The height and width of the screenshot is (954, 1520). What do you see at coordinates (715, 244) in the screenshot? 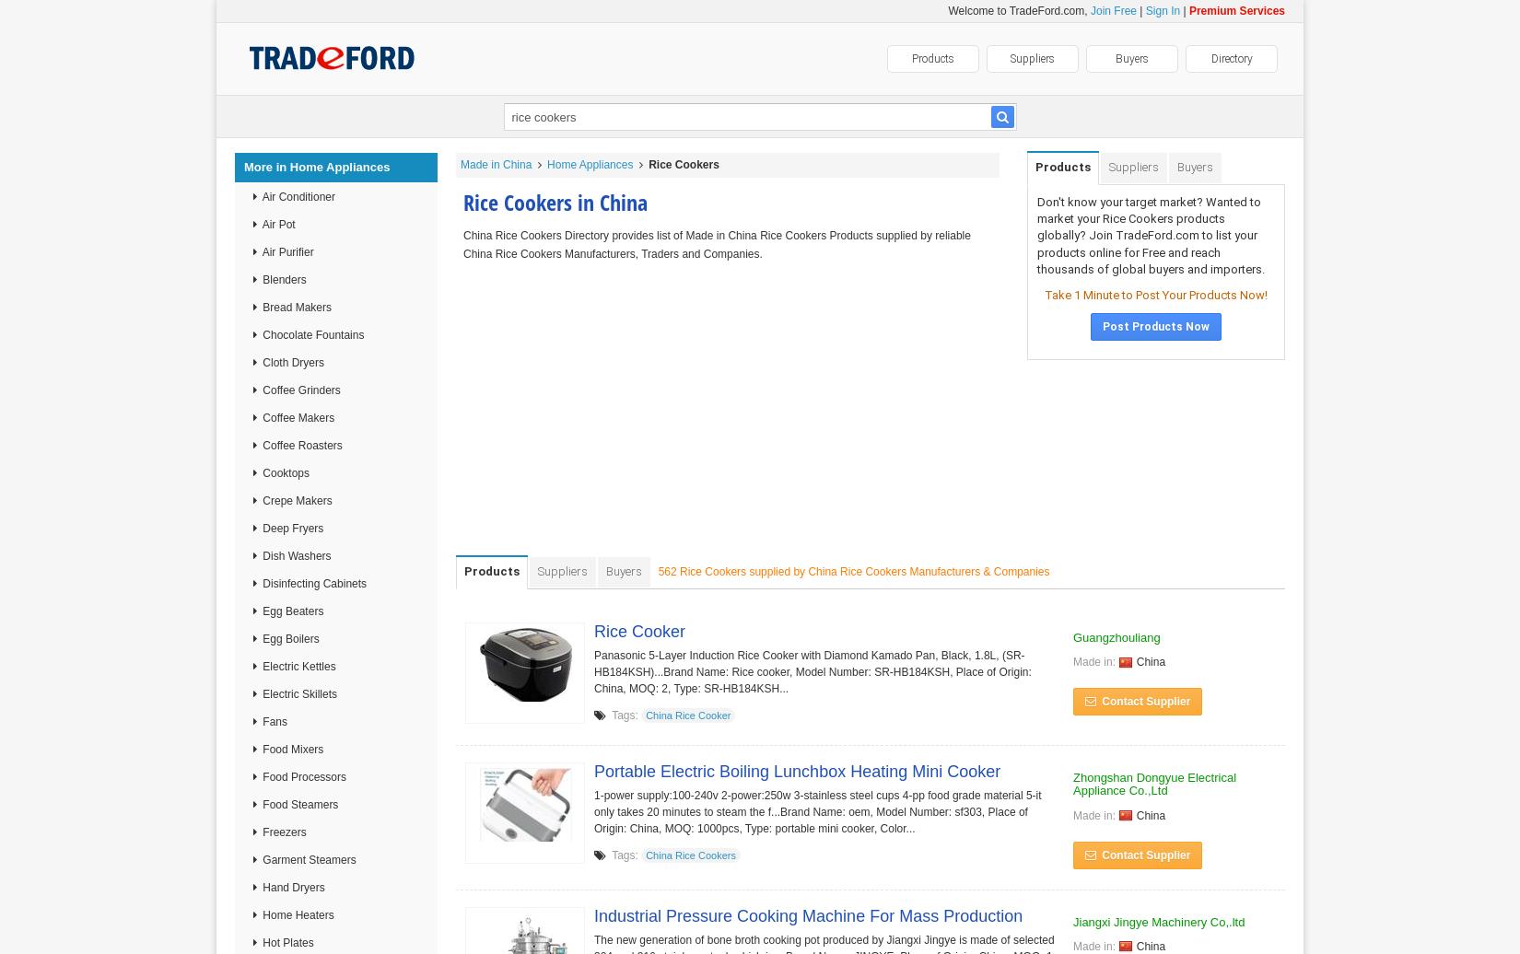
I see `'China Rice Cookers Directory provides list of Made in China Rice Cookers Products supplied by reliable China Rice Cookers Manufacturers, Traders and Companies.'` at bounding box center [715, 244].